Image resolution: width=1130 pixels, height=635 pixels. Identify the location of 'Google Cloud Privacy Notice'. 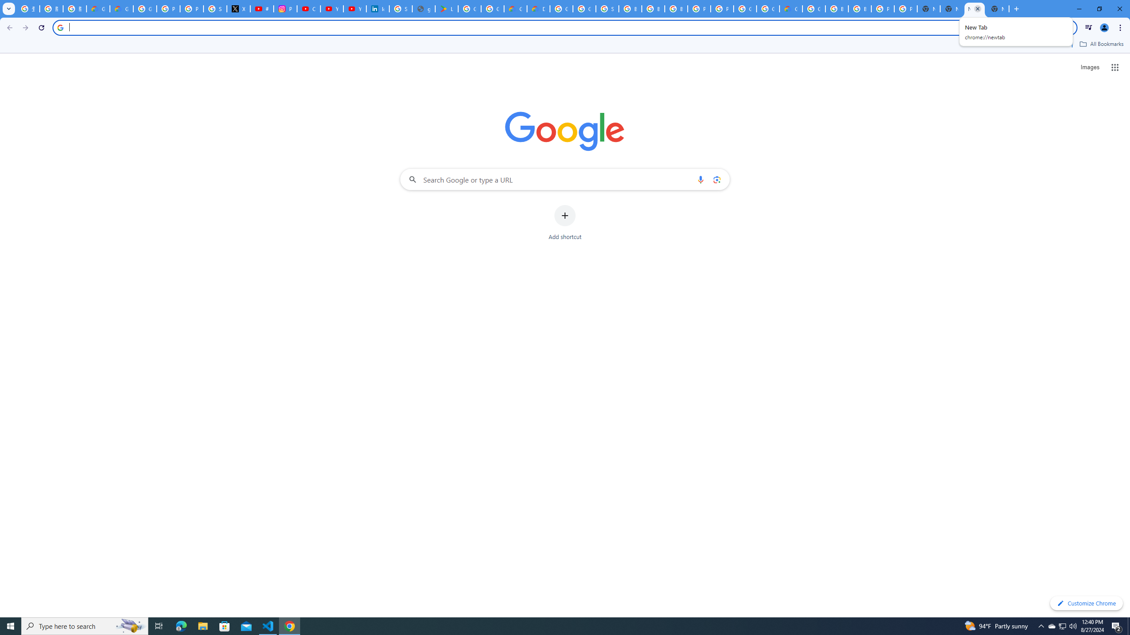
(98, 8).